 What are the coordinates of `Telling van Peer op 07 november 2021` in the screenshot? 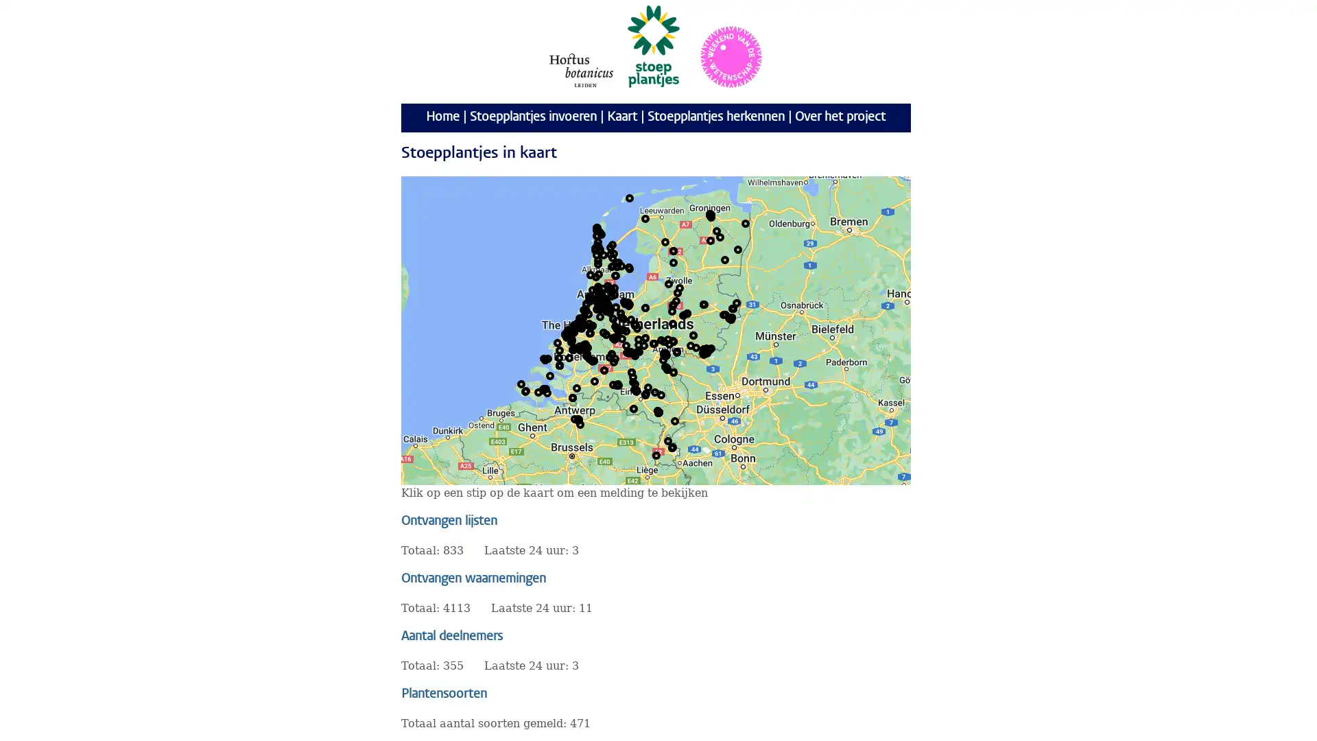 It's located at (595, 381).